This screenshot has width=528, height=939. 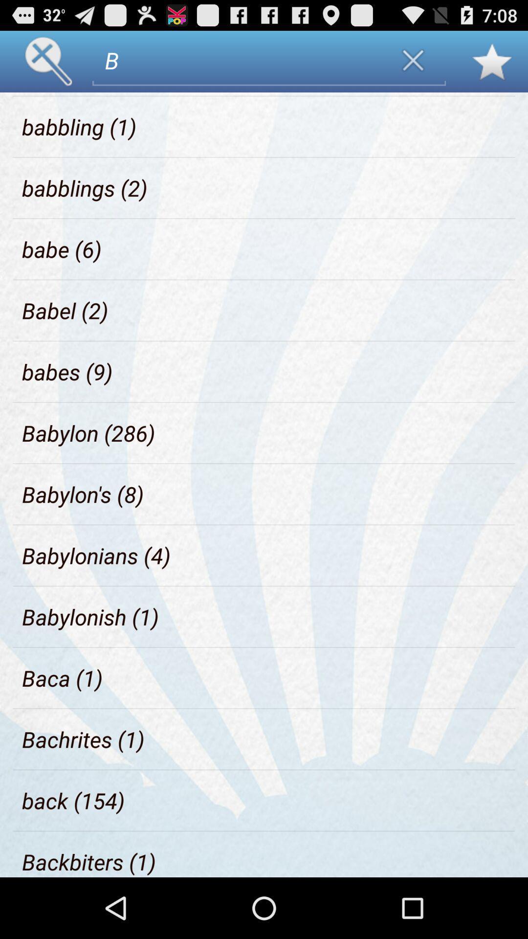 I want to click on icon next to the b icon, so click(x=69, y=94).